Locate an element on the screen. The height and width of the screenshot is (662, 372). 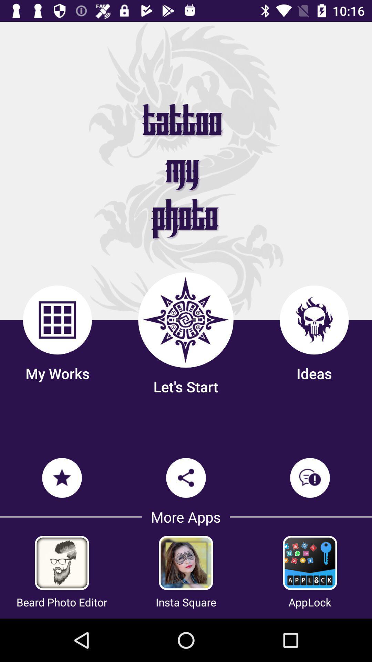
options is located at coordinates (62, 563).